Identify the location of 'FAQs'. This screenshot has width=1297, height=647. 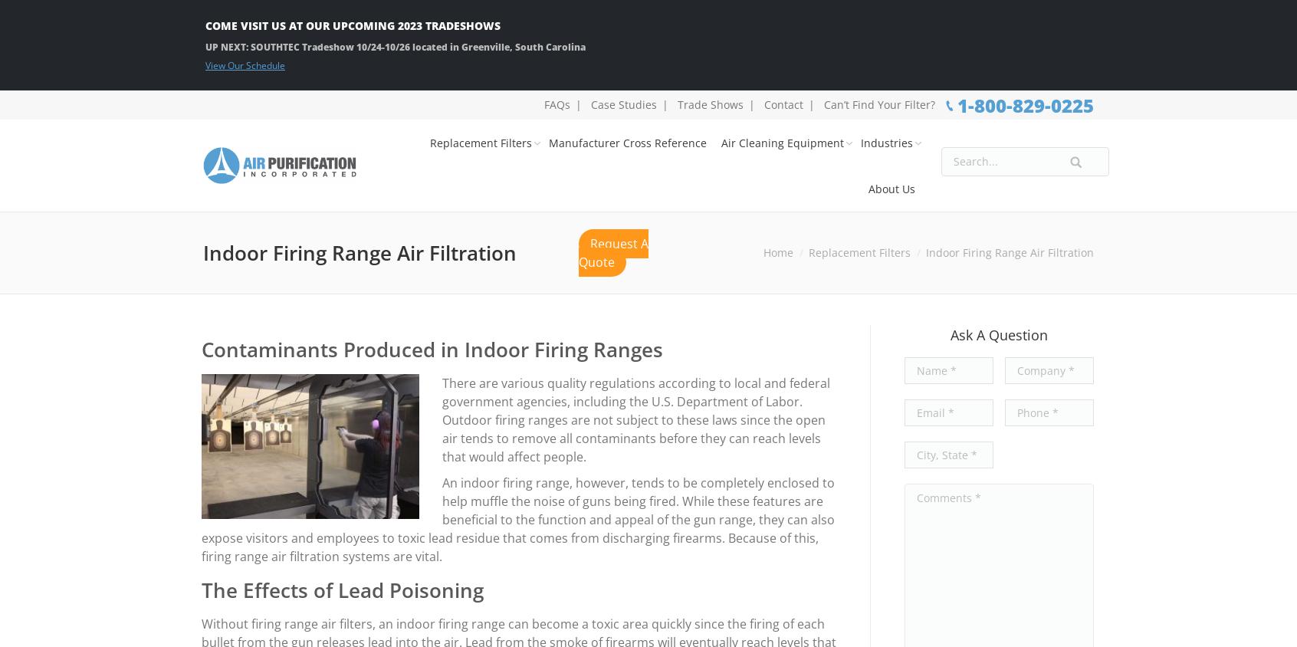
(542, 104).